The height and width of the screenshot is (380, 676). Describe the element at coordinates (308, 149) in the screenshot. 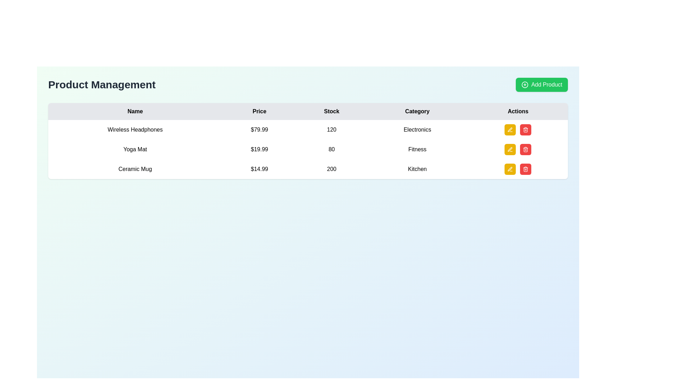

I see `the second table row representing a product's information in the product management interface, located between 'Wireless Headphones' and 'Ceramic Mug'` at that location.